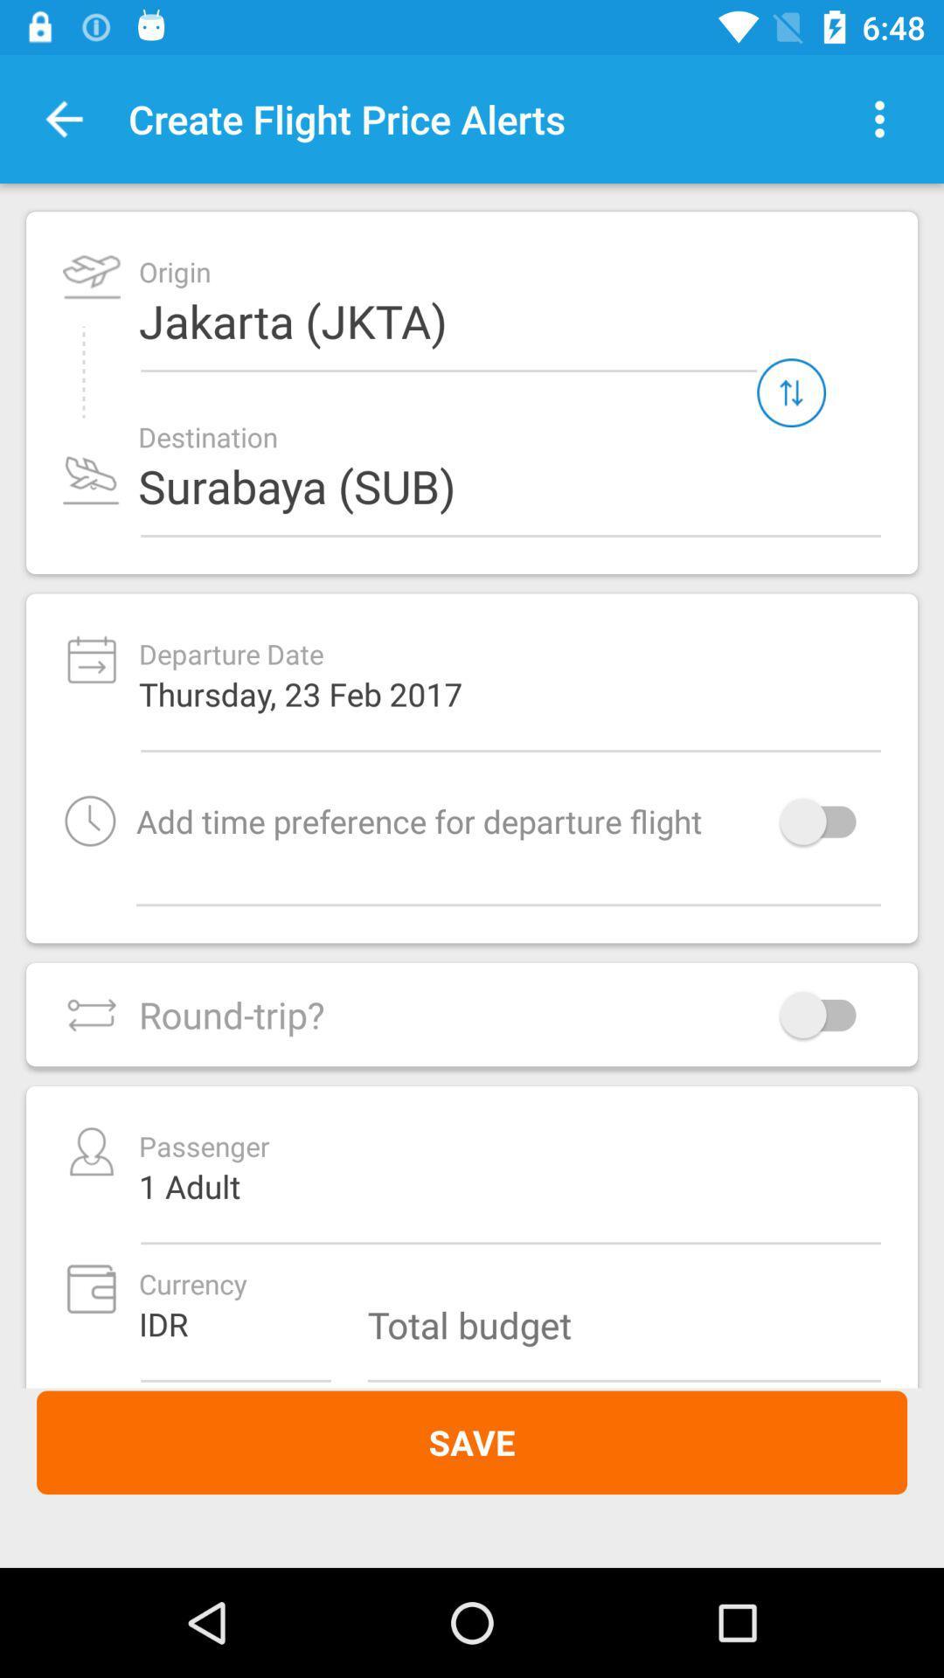  I want to click on the item next to the create flight price icon, so click(63, 118).